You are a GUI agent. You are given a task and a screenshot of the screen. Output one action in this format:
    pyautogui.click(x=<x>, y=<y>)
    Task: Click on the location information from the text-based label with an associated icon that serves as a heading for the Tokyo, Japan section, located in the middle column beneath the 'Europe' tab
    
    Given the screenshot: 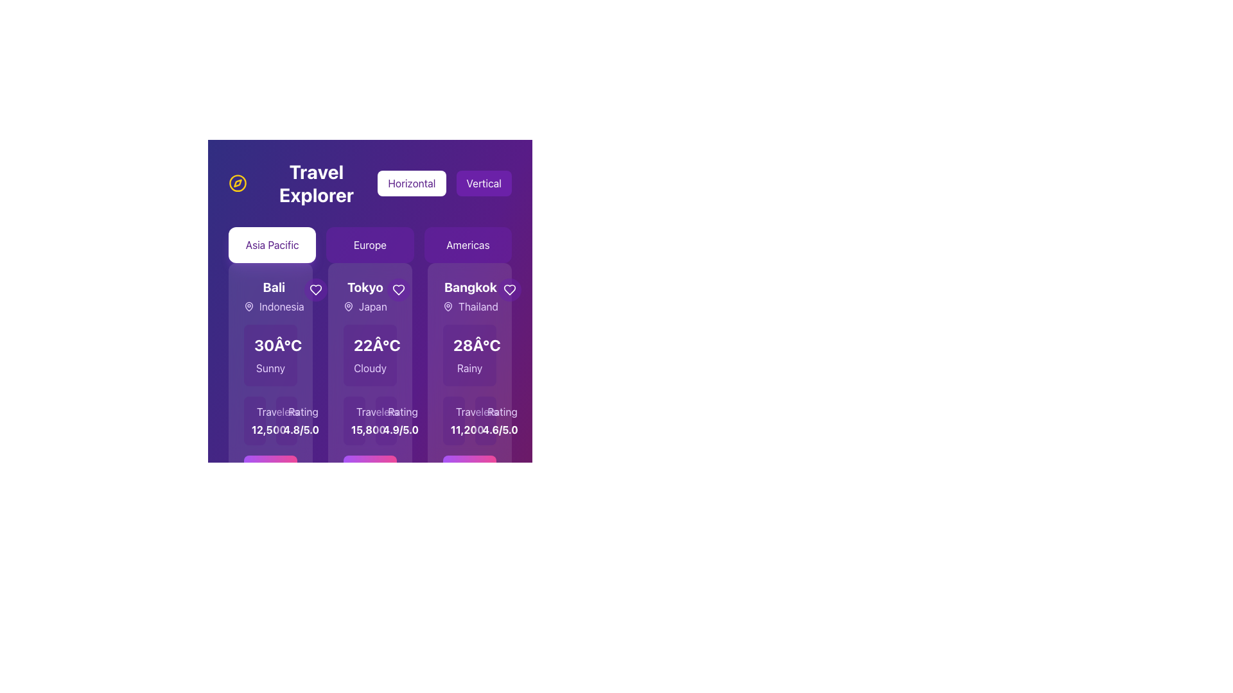 What is the action you would take?
    pyautogui.click(x=364, y=296)
    